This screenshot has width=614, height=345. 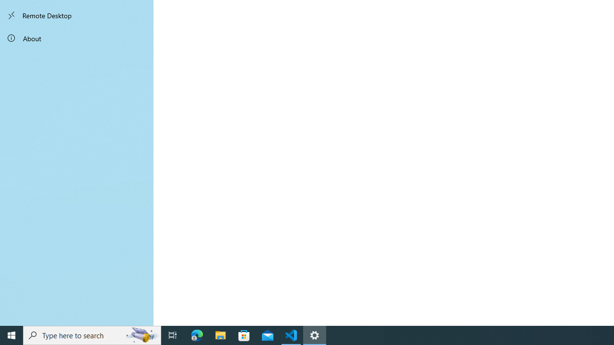 What do you see at coordinates (77, 37) in the screenshot?
I see `'About'` at bounding box center [77, 37].